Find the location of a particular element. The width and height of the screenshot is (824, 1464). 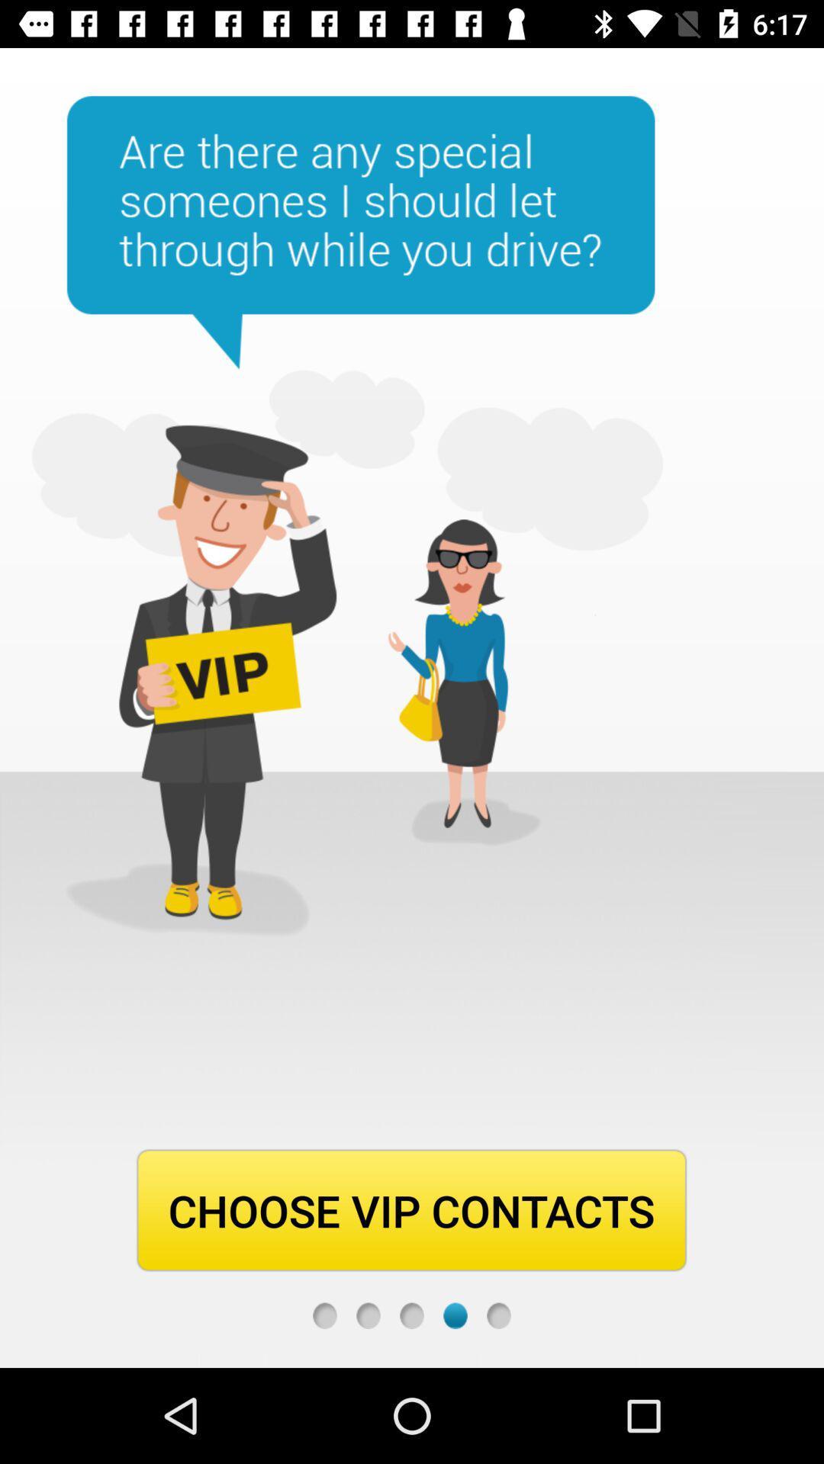

this is the actual card showed from a total of 5 is located at coordinates (455, 1315).